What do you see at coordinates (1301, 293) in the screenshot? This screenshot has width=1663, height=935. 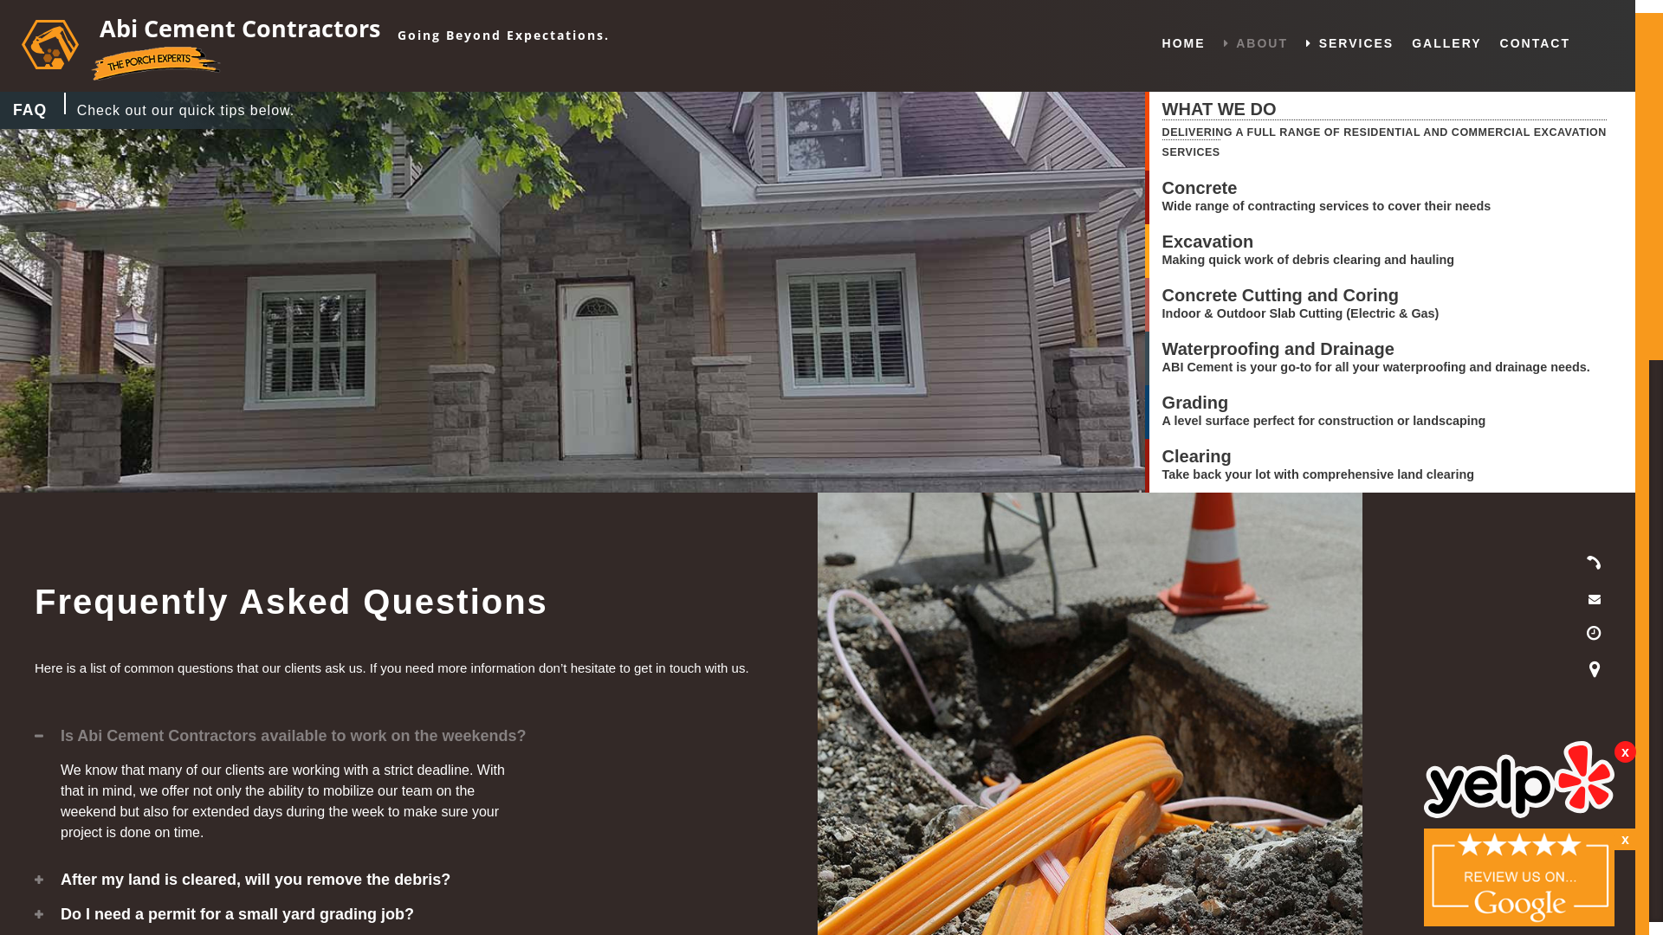 I see `'Concrete Cutting and Coring'` at bounding box center [1301, 293].